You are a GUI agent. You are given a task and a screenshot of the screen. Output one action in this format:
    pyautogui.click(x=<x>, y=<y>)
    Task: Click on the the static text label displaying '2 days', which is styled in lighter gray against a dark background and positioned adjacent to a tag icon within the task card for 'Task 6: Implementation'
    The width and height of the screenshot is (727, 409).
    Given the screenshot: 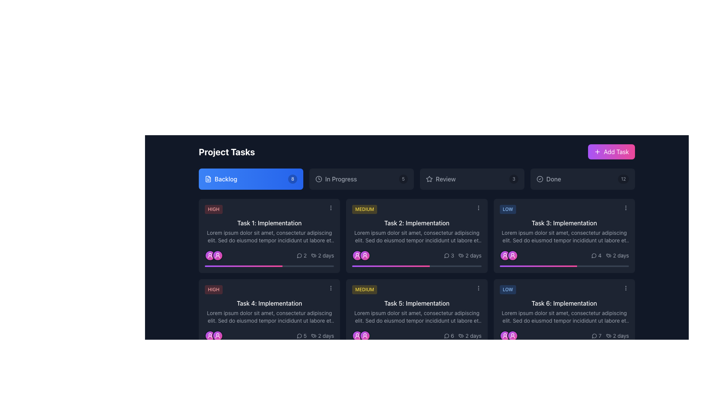 What is the action you would take?
    pyautogui.click(x=621, y=336)
    